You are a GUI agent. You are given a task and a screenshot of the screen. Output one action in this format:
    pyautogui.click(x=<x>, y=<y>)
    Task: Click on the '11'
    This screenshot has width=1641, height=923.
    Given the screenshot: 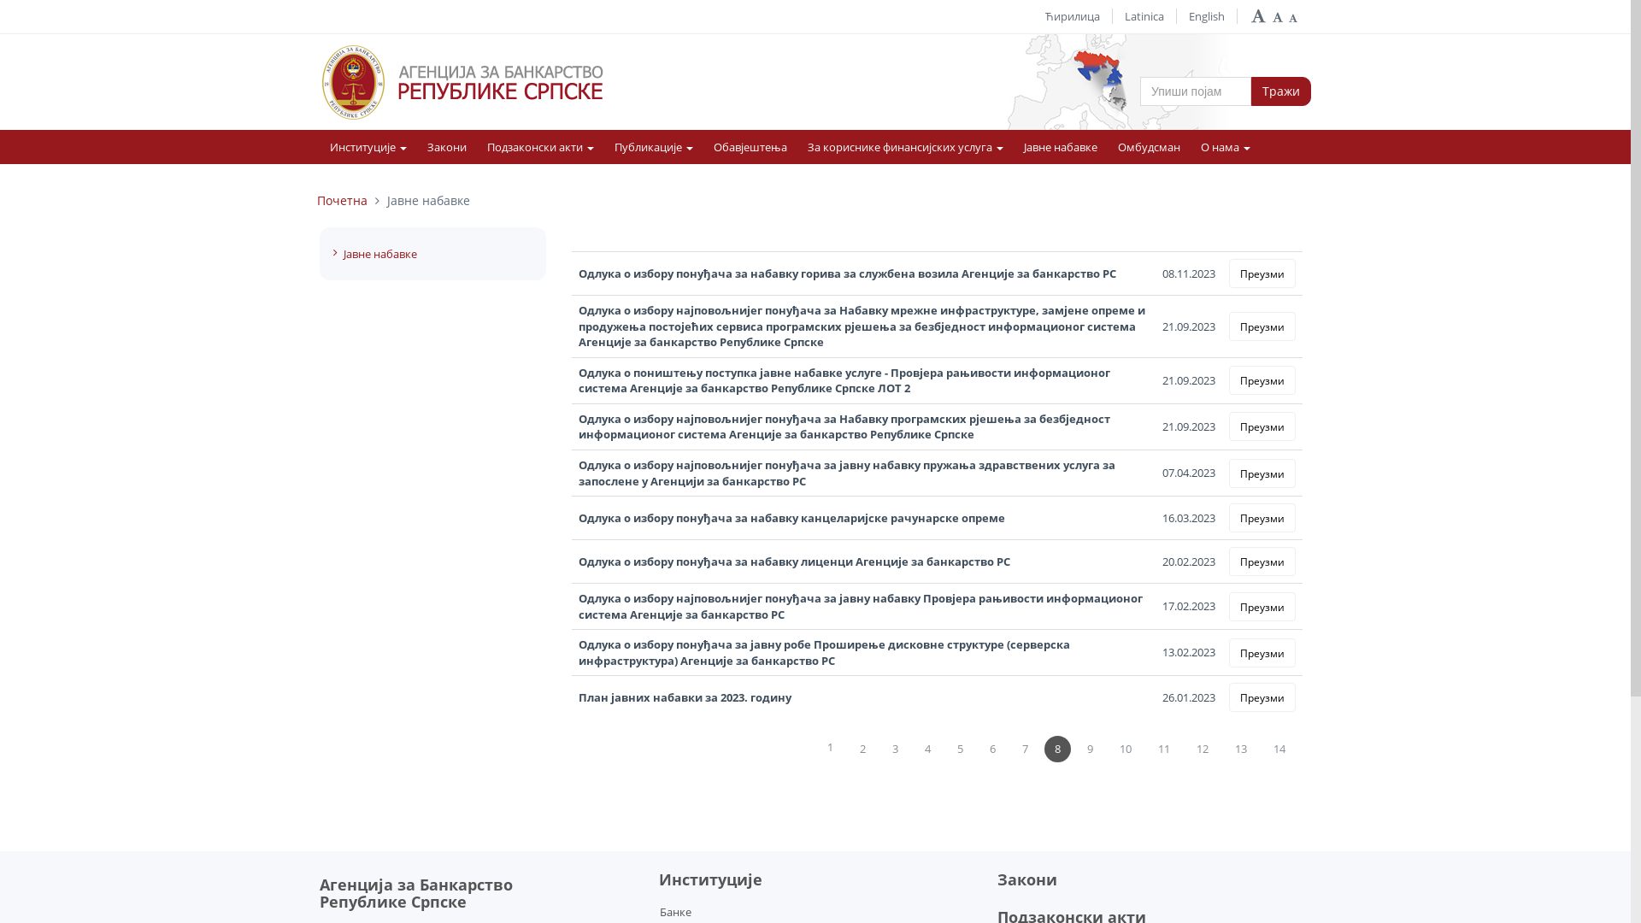 What is the action you would take?
    pyautogui.click(x=1163, y=748)
    